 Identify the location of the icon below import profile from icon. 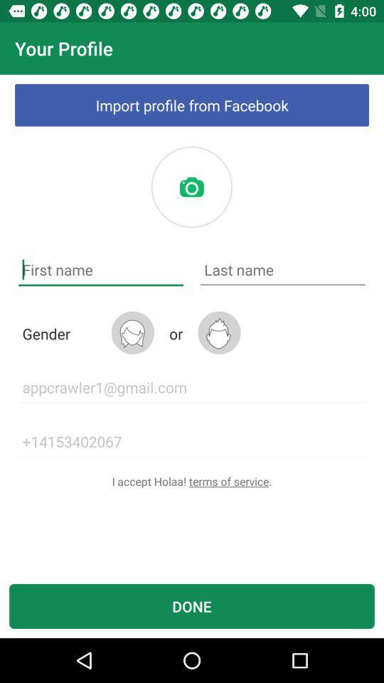
(191, 186).